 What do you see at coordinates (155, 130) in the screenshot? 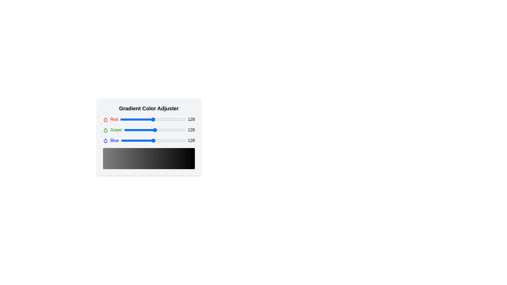
I see `the green slider to 128` at bounding box center [155, 130].